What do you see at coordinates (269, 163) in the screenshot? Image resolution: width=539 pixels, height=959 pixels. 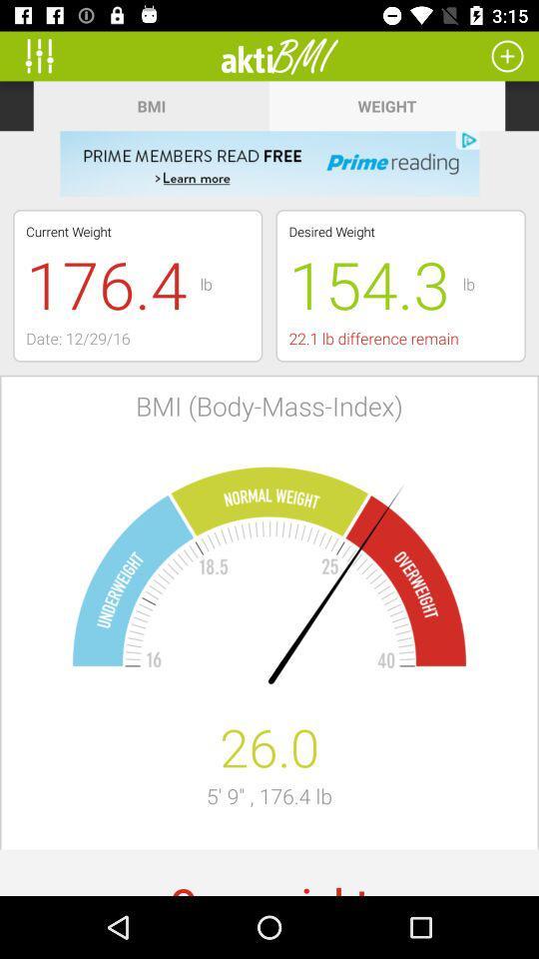 I see `item above the current weight item` at bounding box center [269, 163].